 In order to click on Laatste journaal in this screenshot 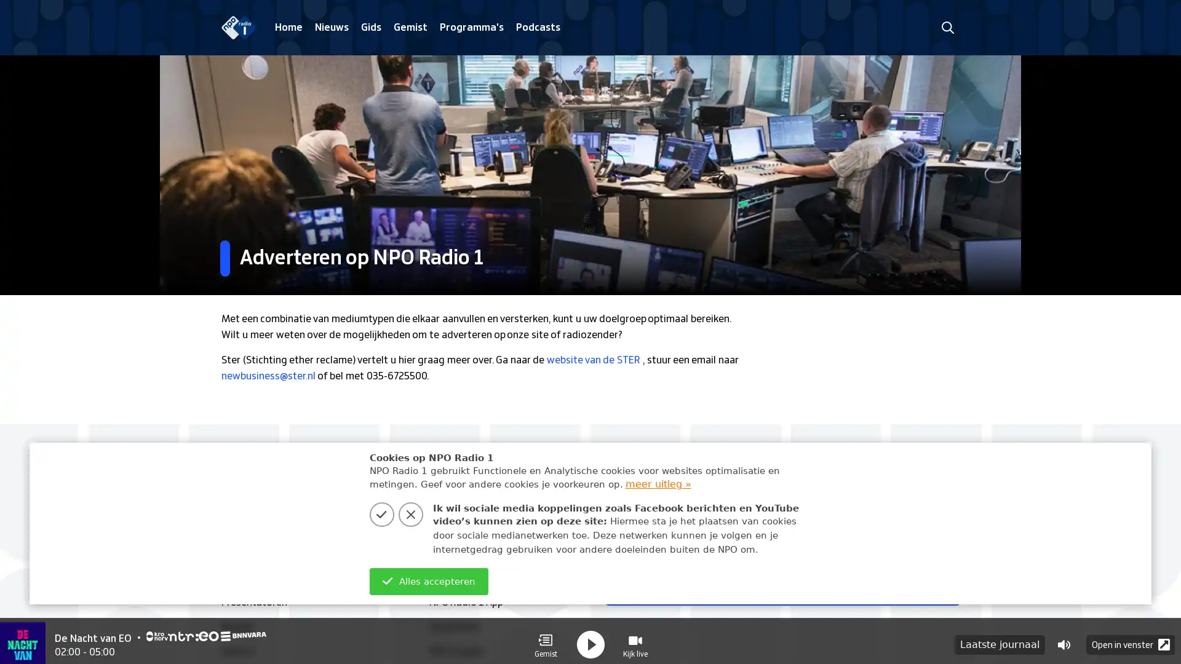, I will do `click(1000, 637)`.